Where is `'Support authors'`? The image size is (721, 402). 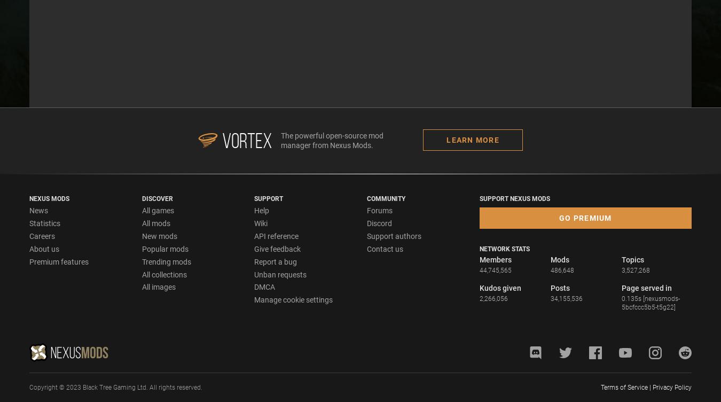 'Support authors' is located at coordinates (394, 235).